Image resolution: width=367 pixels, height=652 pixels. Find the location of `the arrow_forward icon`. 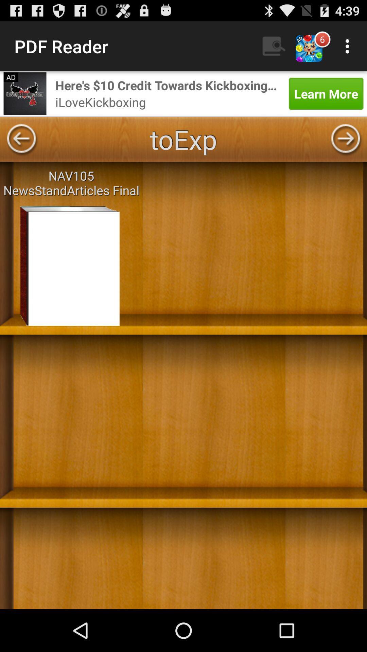

the arrow_forward icon is located at coordinates (346, 149).